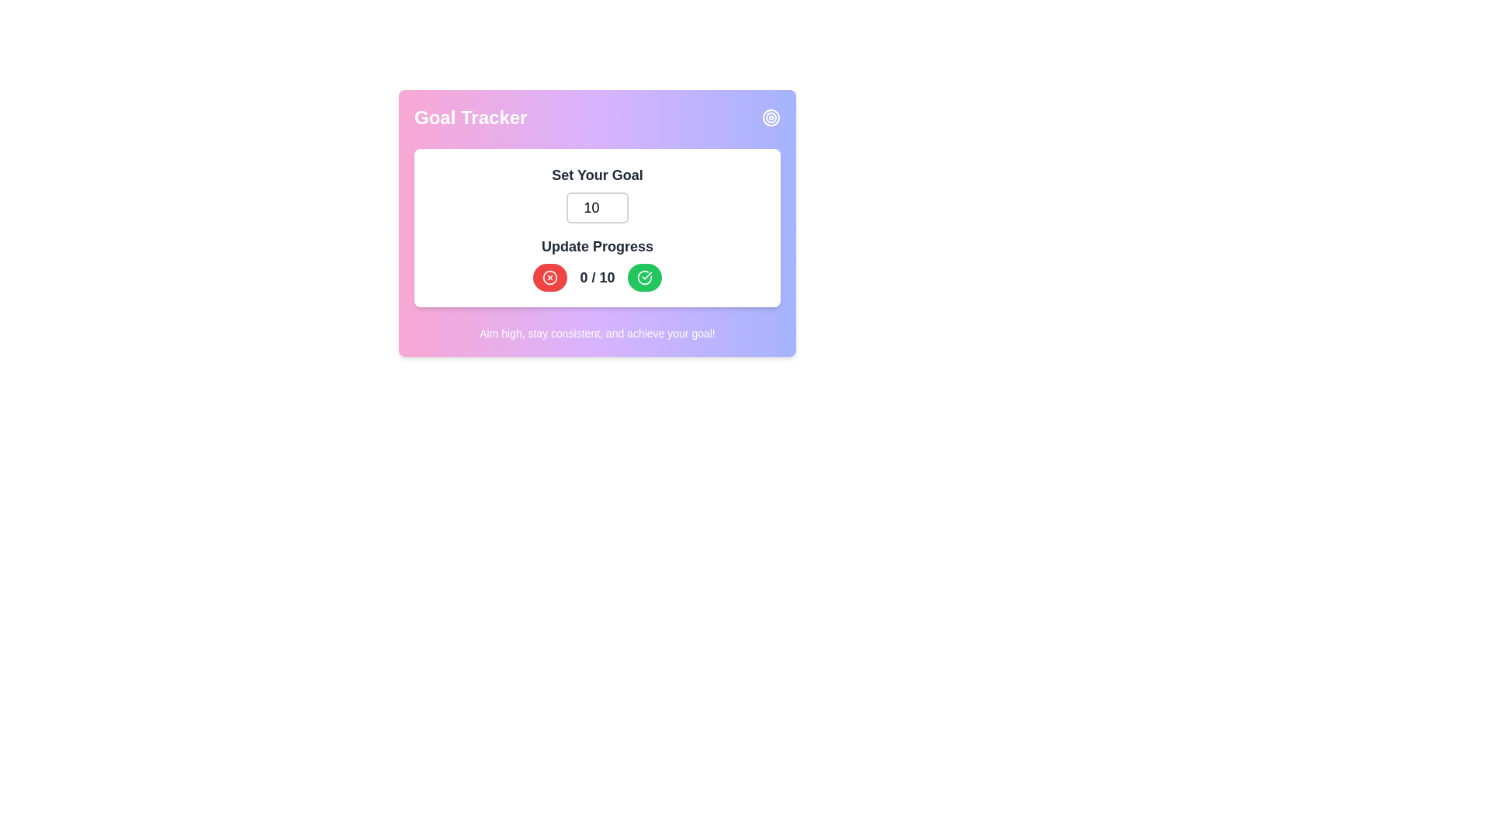  I want to click on the Text Label that serves as a heading for setting a goal, positioned at the top of its section within a card-like design, so click(596, 175).